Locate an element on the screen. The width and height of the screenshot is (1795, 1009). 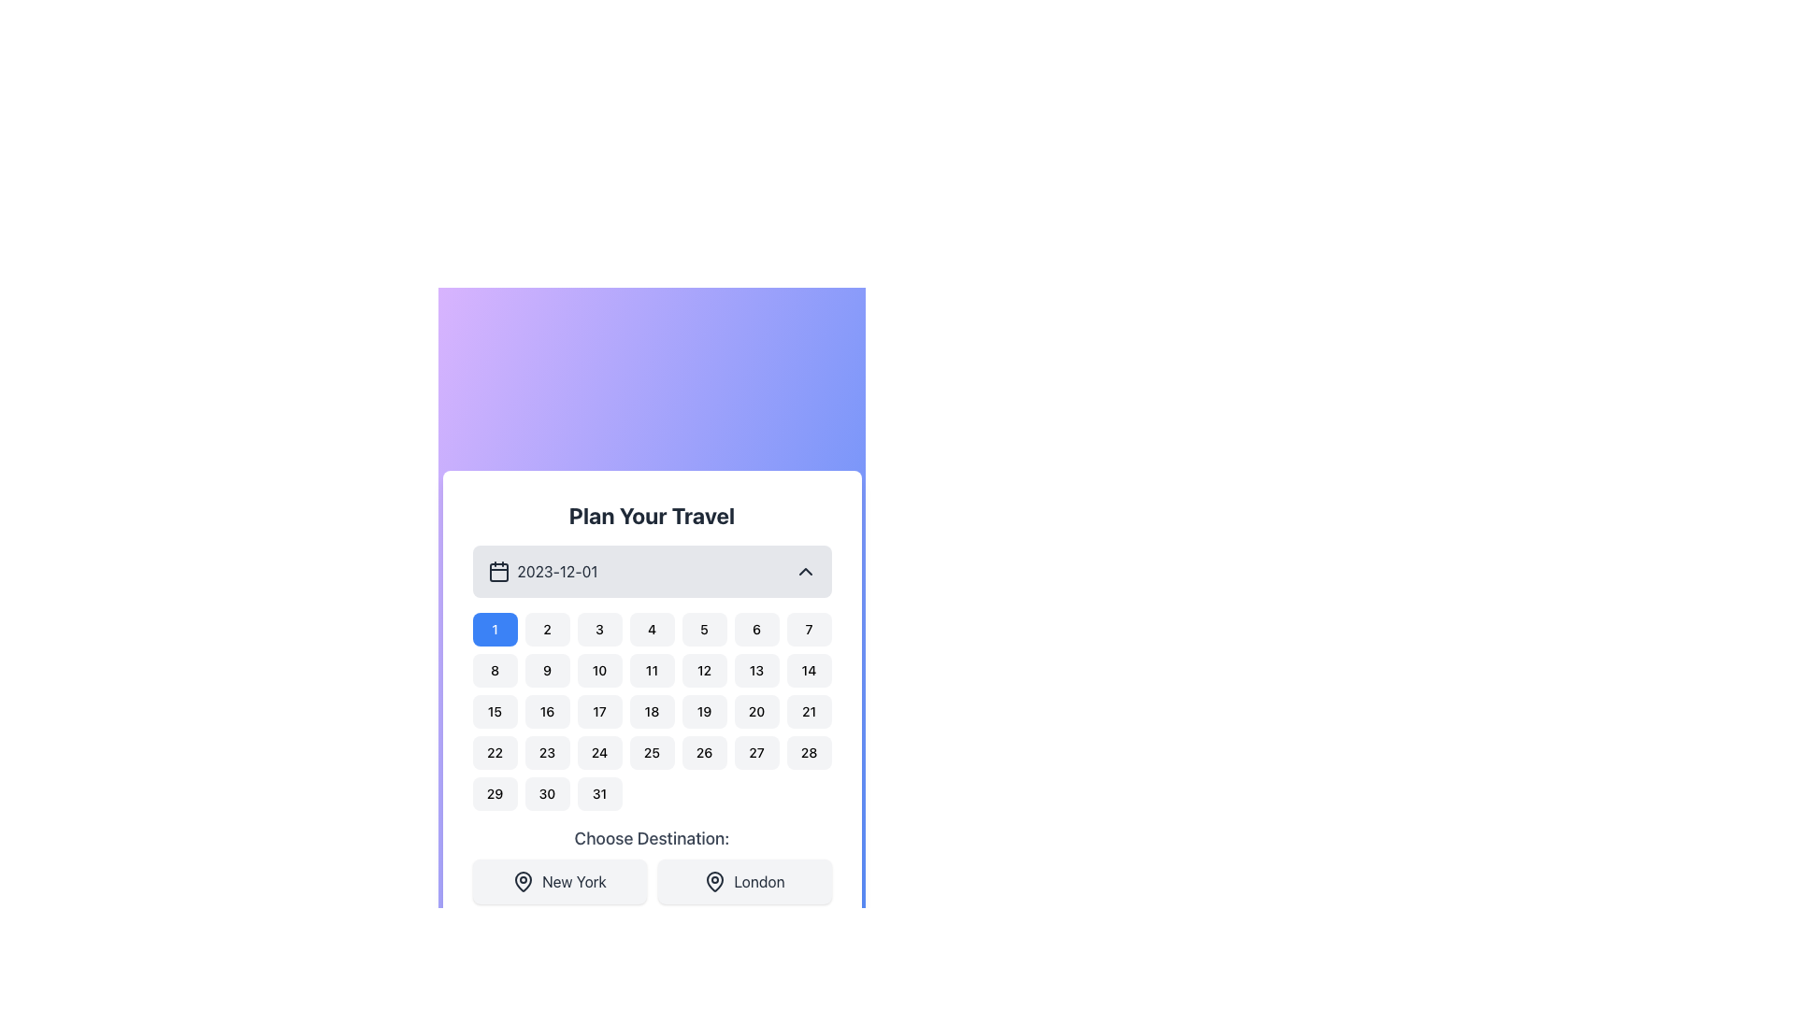
the button representing the 15th day of the month in the calendar interface is located at coordinates (495, 712).